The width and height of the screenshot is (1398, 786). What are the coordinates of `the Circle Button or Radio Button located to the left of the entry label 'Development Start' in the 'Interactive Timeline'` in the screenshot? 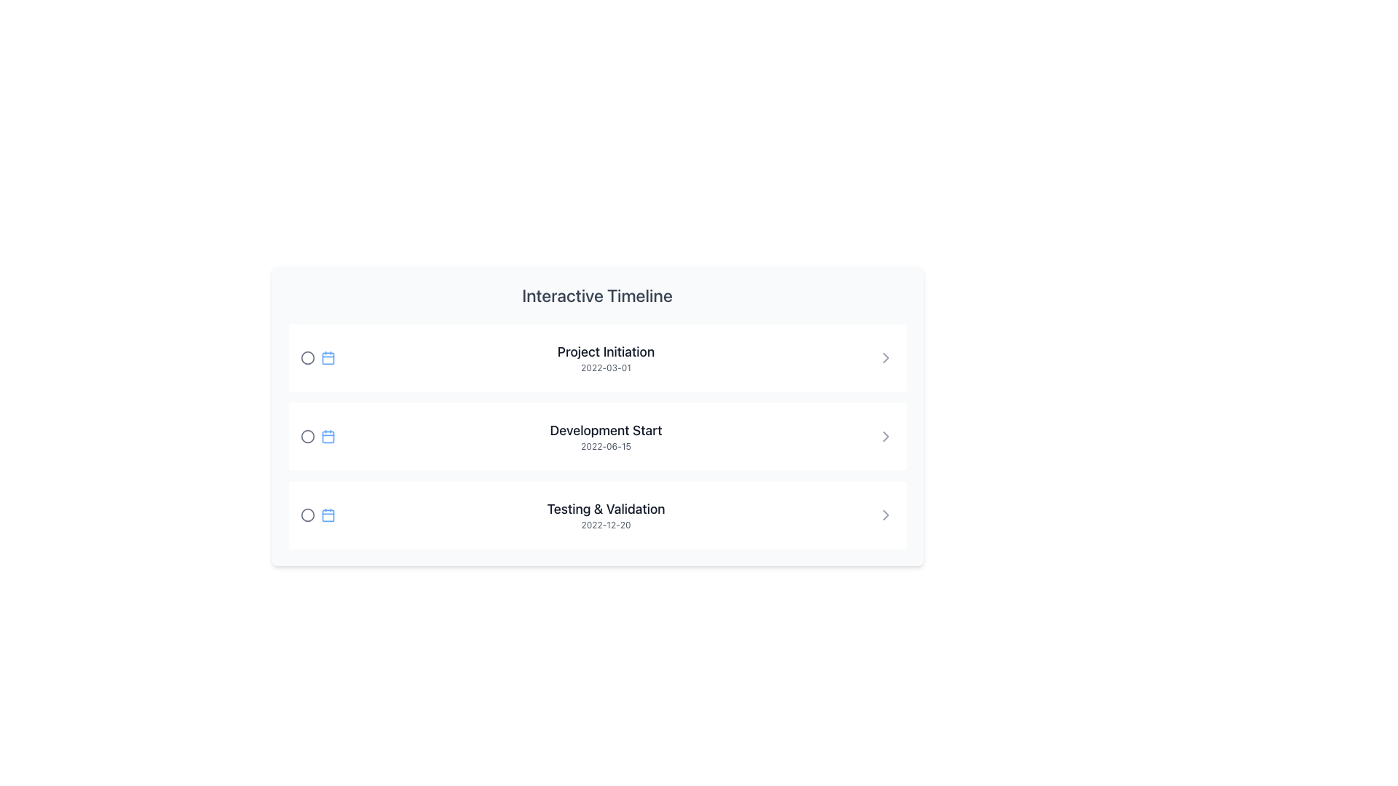 It's located at (307, 436).